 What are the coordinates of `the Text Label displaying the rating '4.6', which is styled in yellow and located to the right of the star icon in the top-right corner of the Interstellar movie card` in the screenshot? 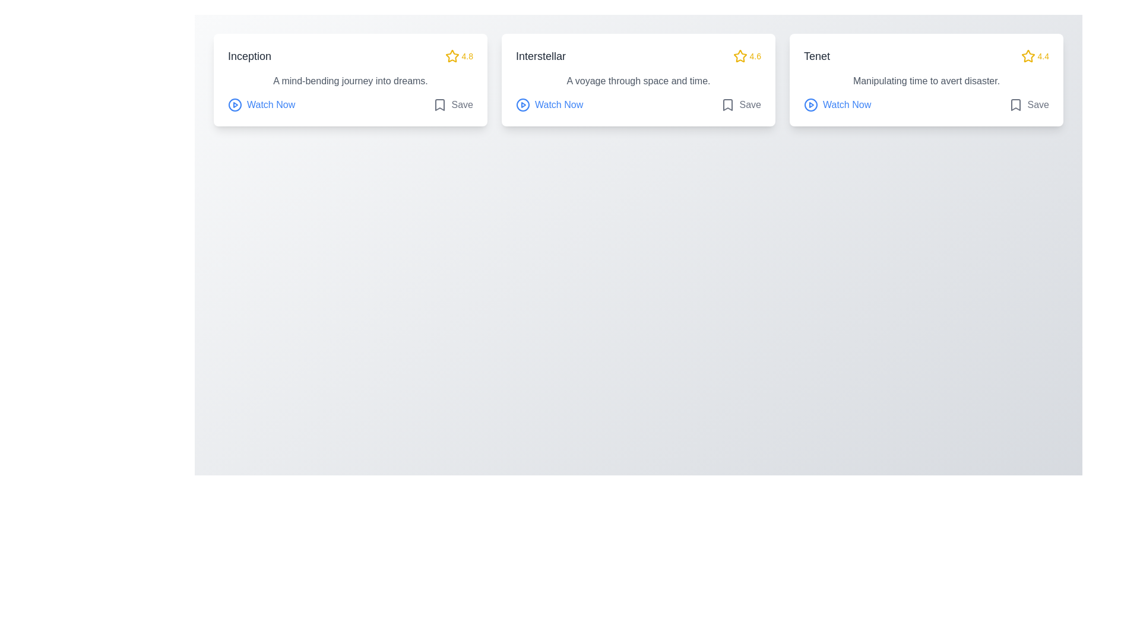 It's located at (755, 56).